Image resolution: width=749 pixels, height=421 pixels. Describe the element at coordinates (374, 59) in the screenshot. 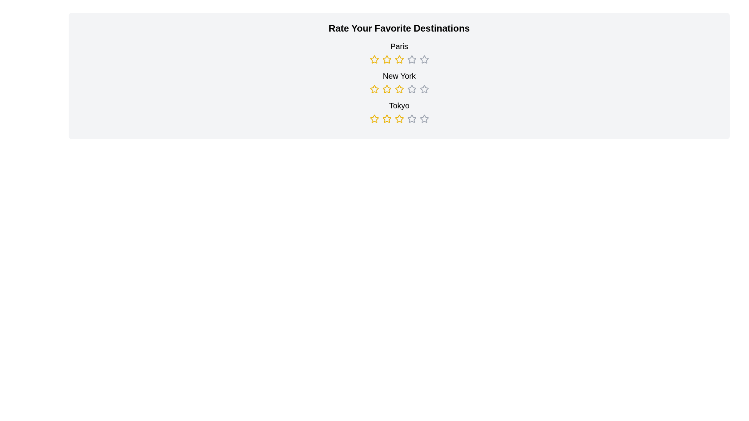

I see `the first yellow star icon` at that location.